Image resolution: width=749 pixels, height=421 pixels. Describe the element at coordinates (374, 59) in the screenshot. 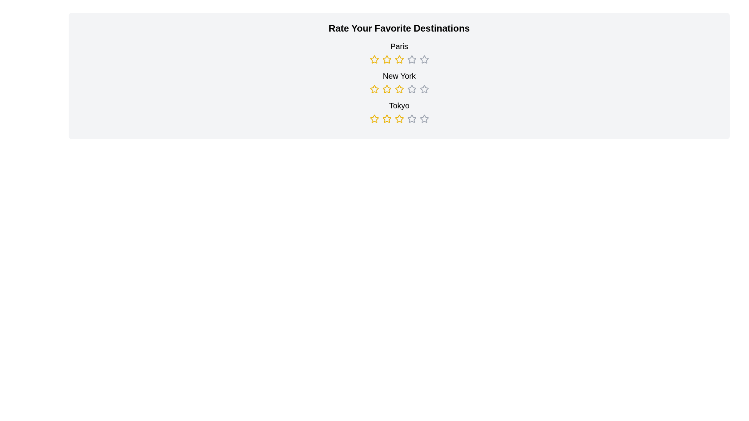

I see `the first yellow star icon` at that location.